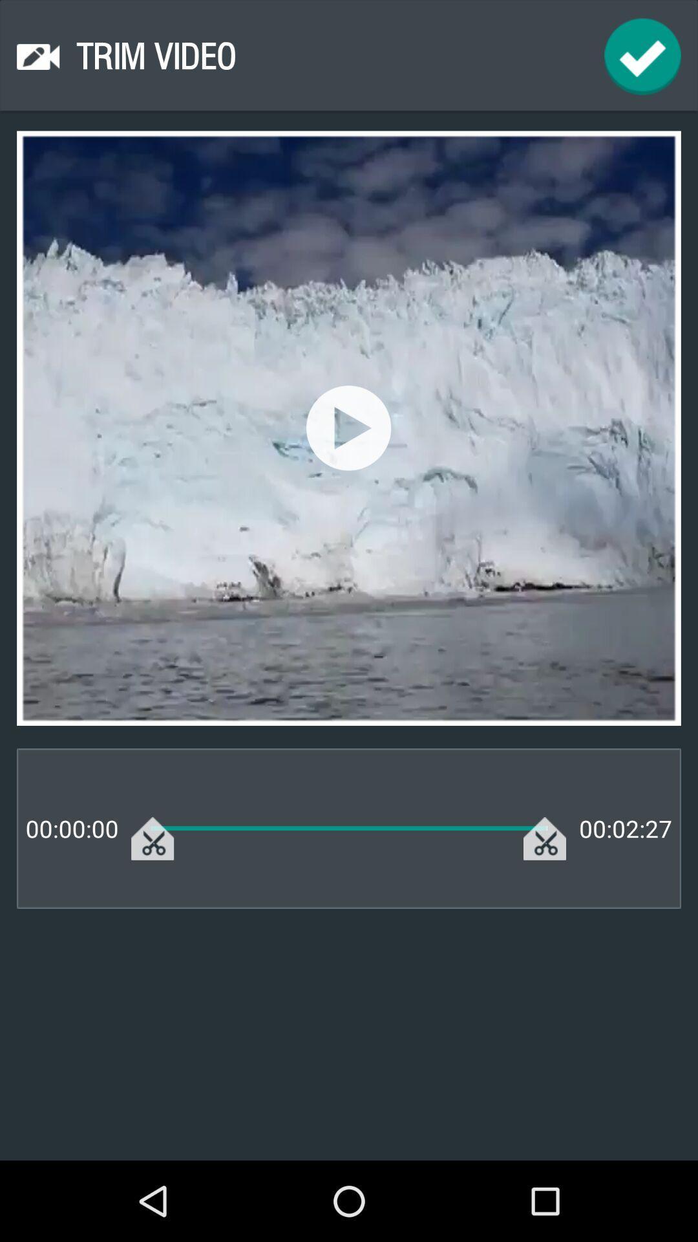 The width and height of the screenshot is (698, 1242). Describe the element at coordinates (642, 56) in the screenshot. I see `the app to the right of trim video` at that location.